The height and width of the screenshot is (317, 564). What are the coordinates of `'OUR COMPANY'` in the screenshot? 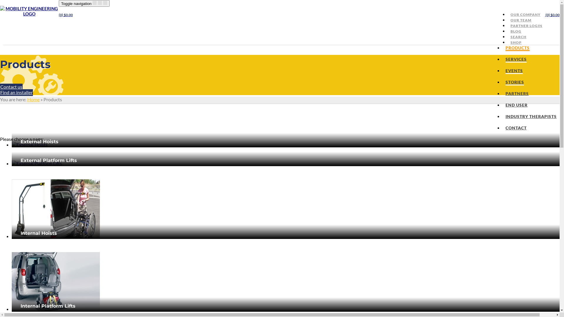 It's located at (507, 14).